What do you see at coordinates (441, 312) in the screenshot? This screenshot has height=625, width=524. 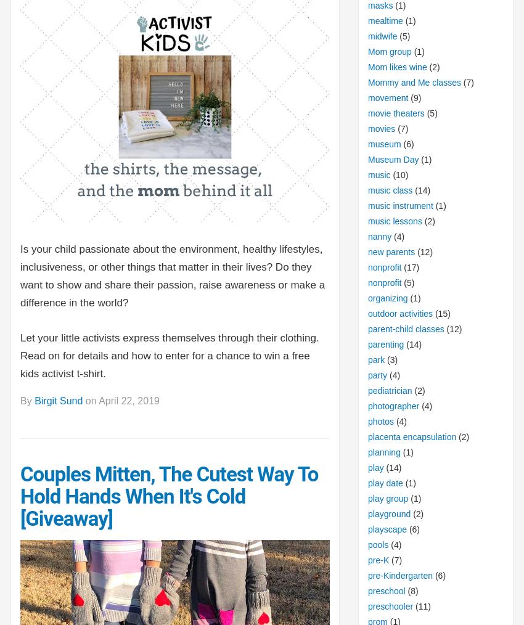 I see `'(15)'` at bounding box center [441, 312].